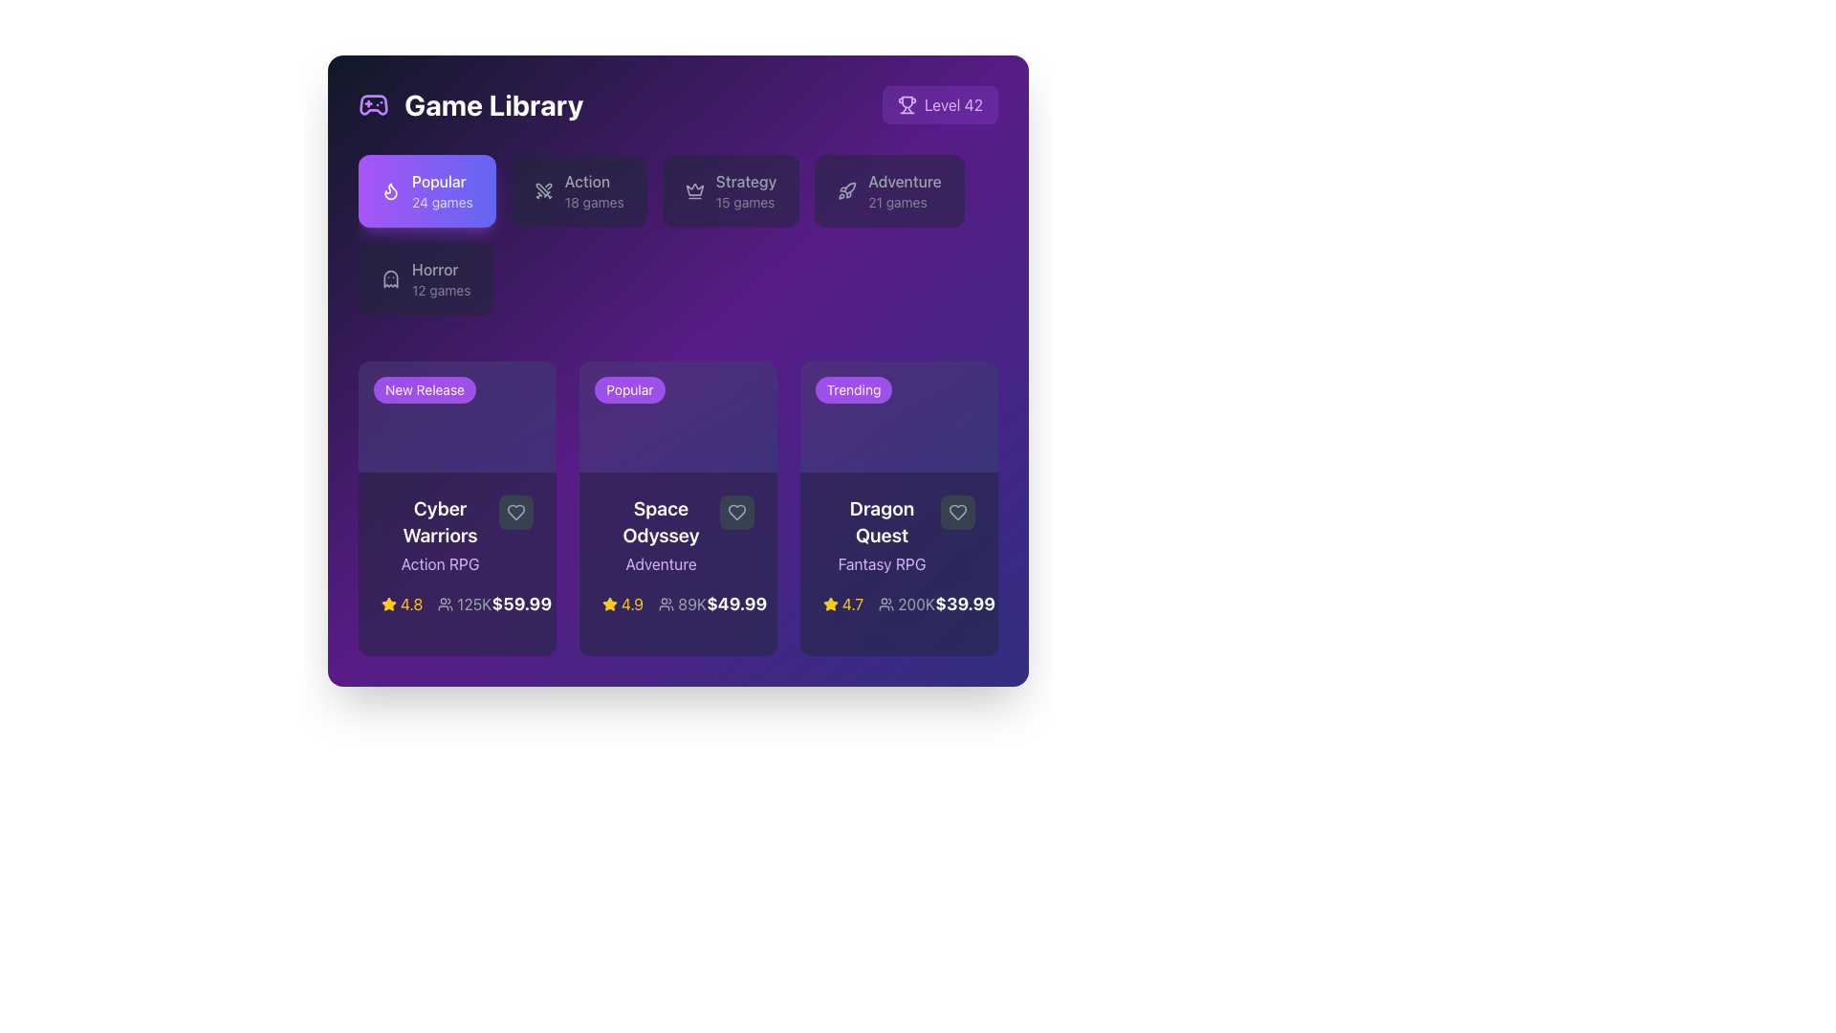 This screenshot has height=1033, width=1836. Describe the element at coordinates (515, 512) in the screenshot. I see `the 'Favorite' or 'Like' button (heart icon) located in the top-right section of the 'Cyber Warriors' game card` at that location.